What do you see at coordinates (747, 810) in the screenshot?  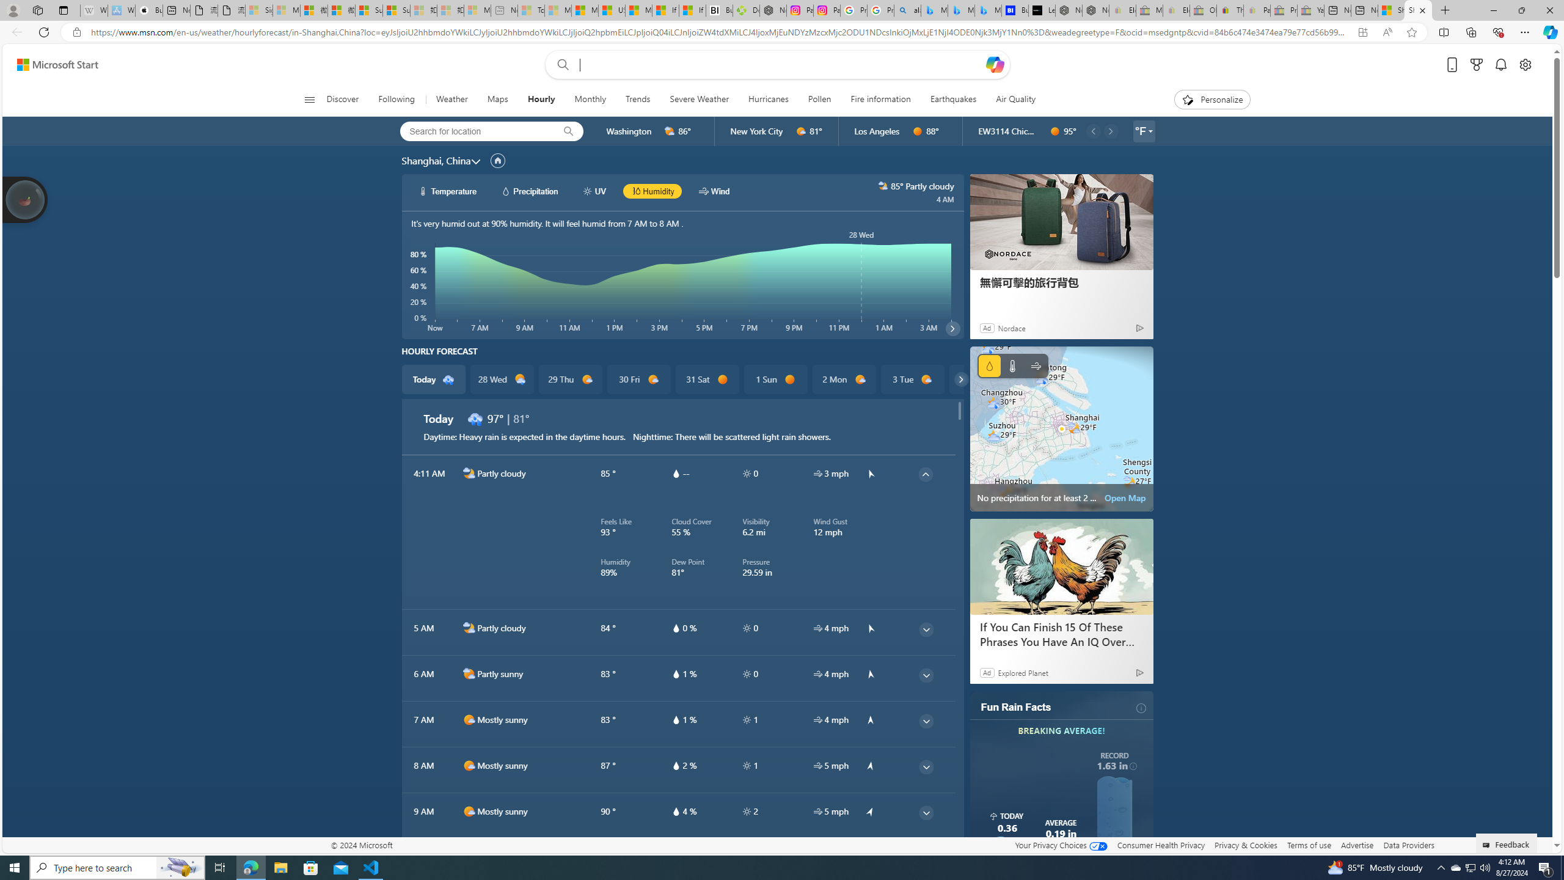 I see `'hourlyTable/uv'` at bounding box center [747, 810].